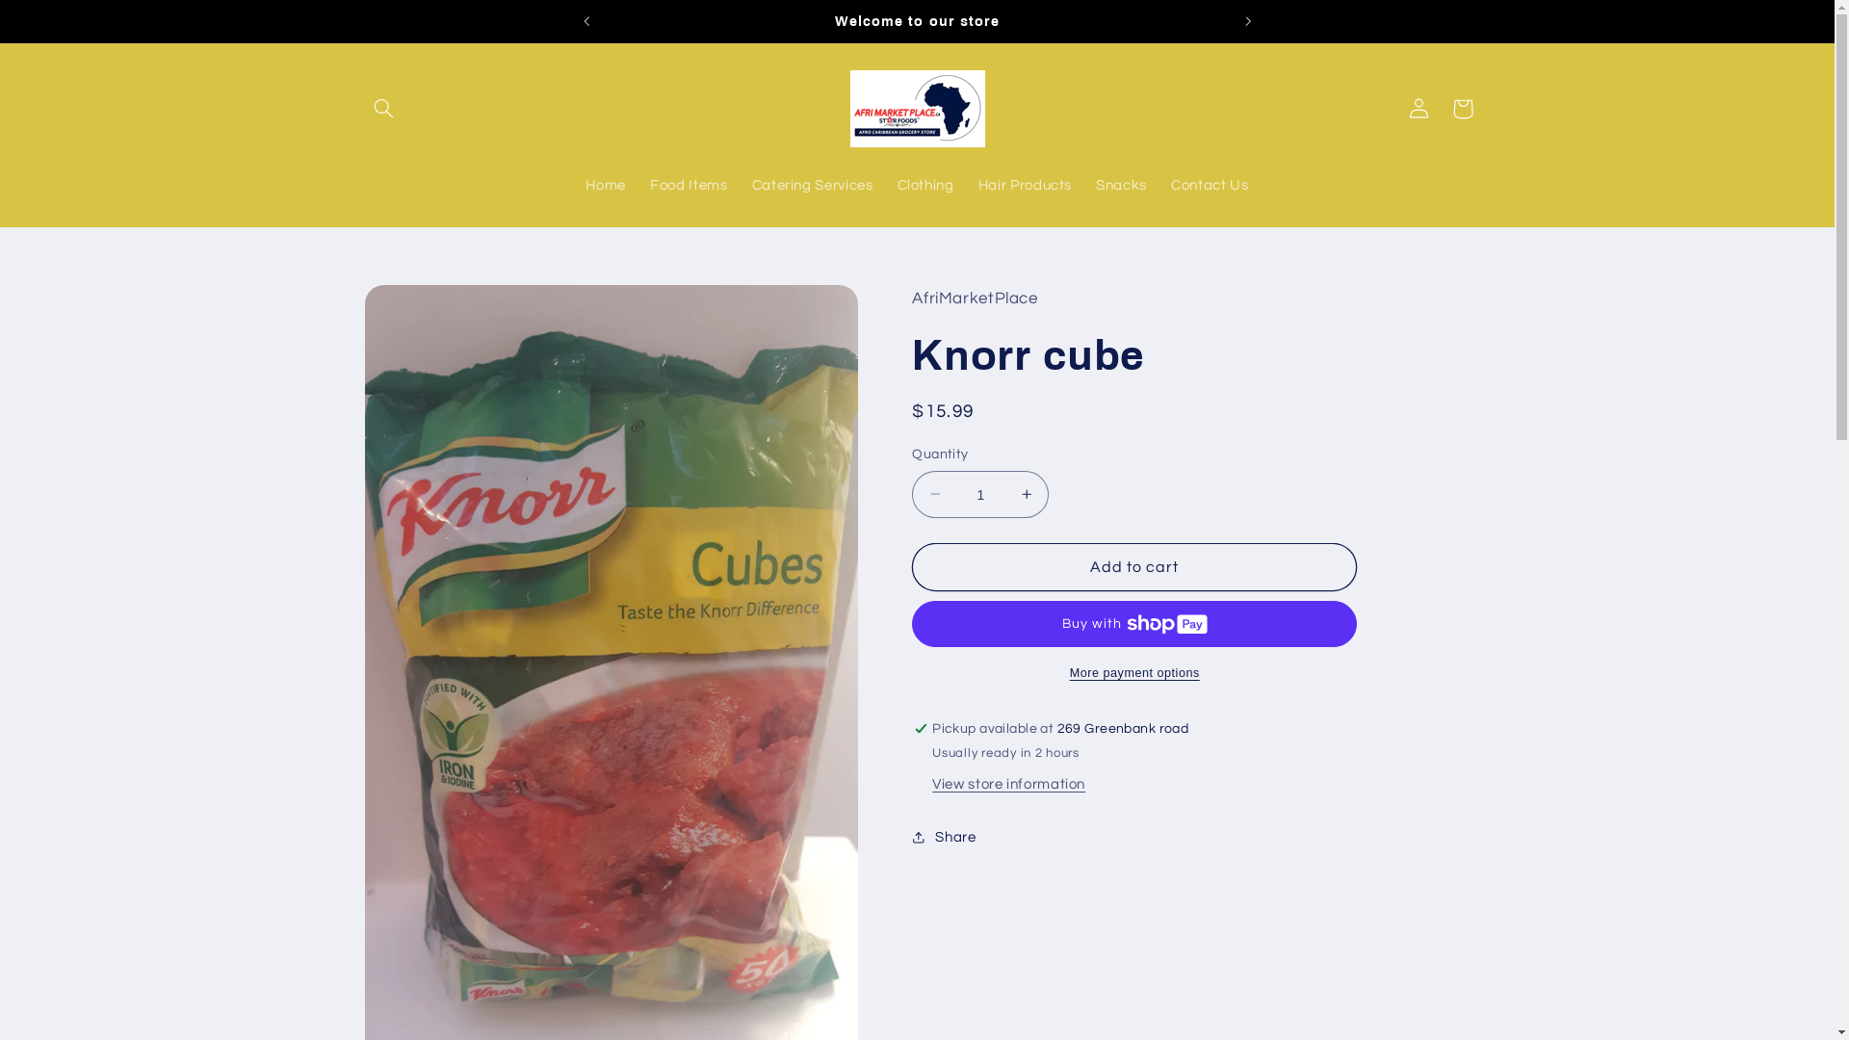 This screenshot has width=1849, height=1040. What do you see at coordinates (812, 186) in the screenshot?
I see `'Catering Services'` at bounding box center [812, 186].